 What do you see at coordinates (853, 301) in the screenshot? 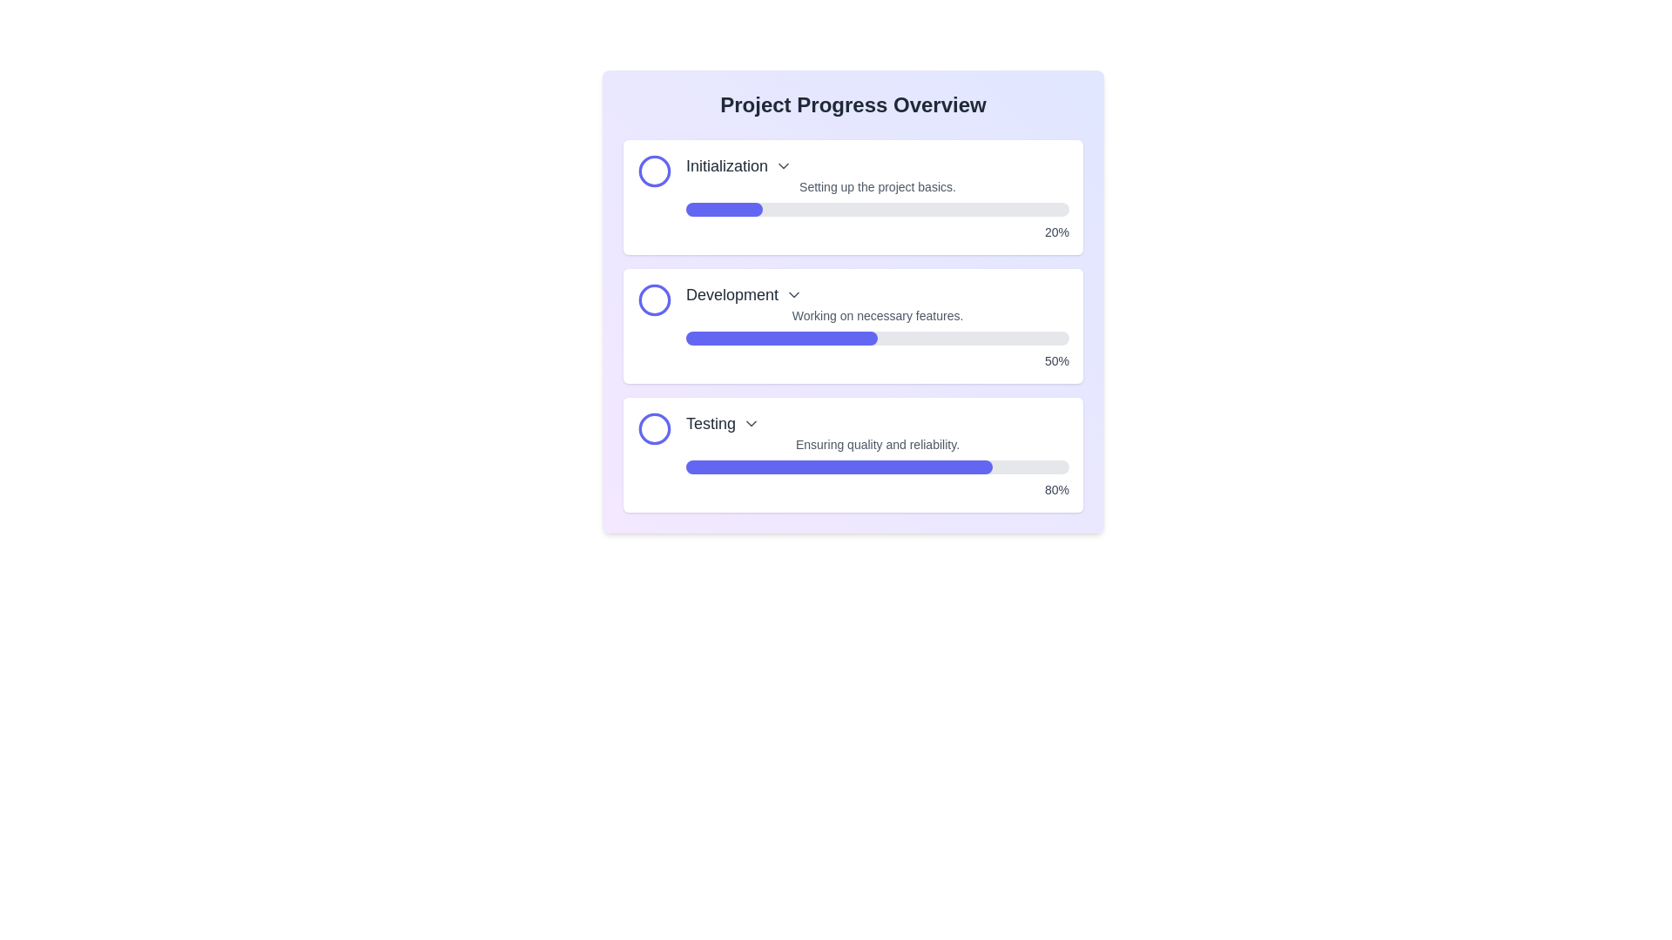
I see `the icons within the 'Development' progress card` at bounding box center [853, 301].